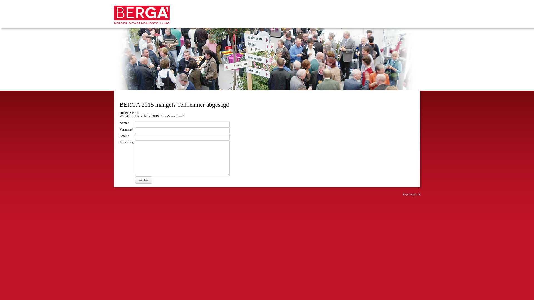 The width and height of the screenshot is (534, 300). What do you see at coordinates (142, 23) in the screenshot?
I see `'Berga'` at bounding box center [142, 23].